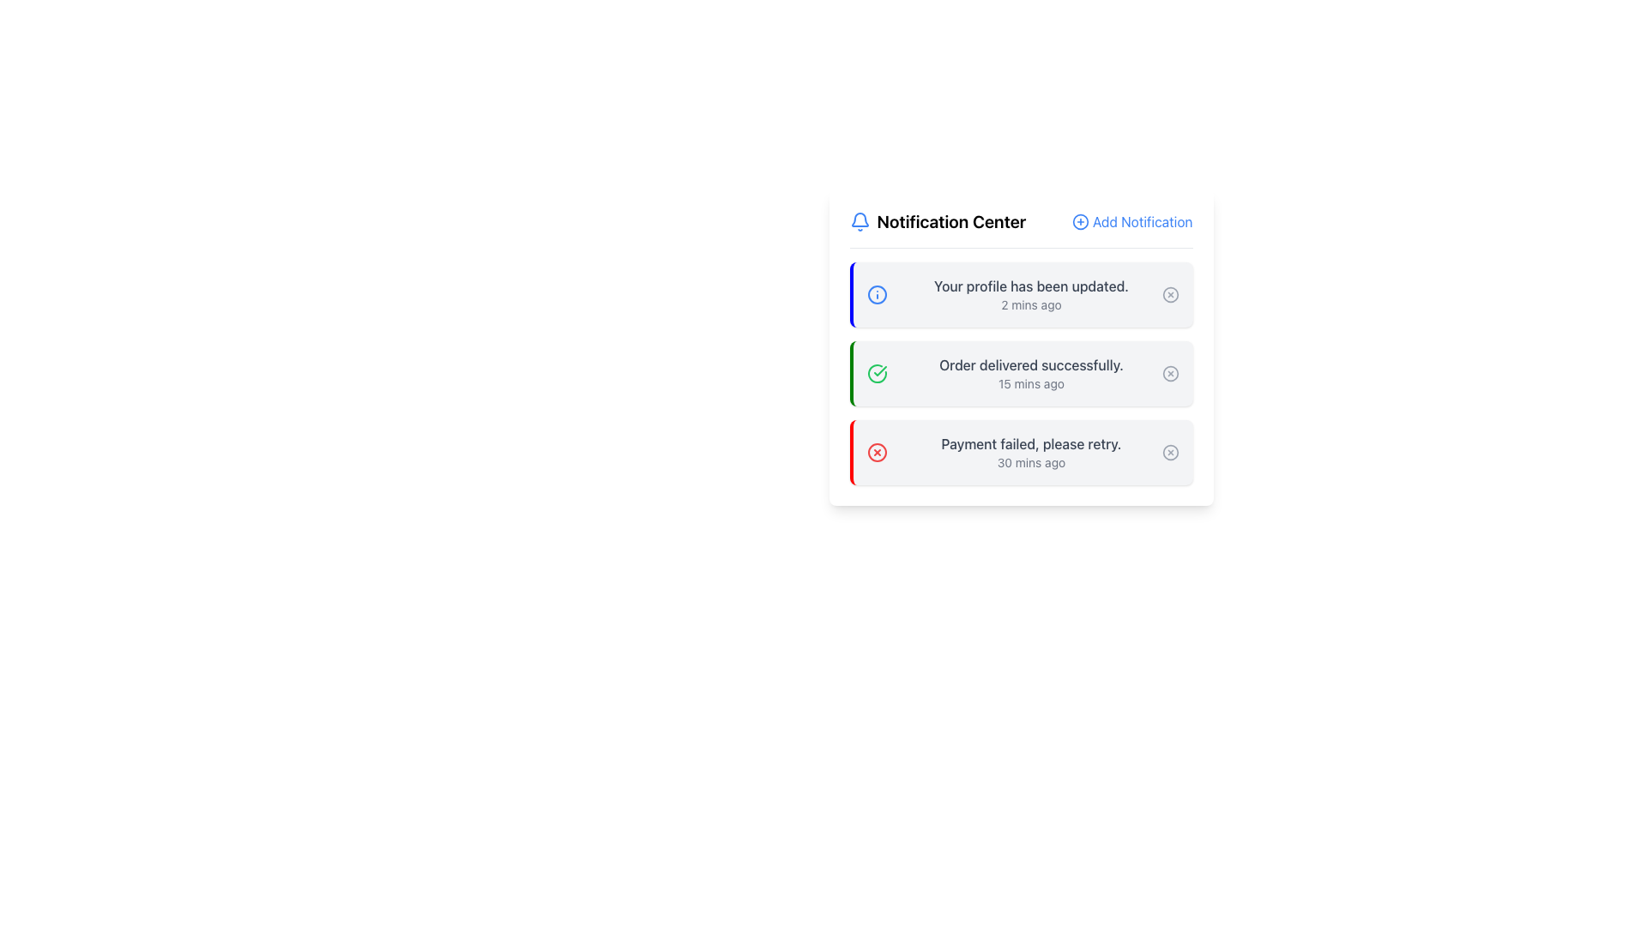  I want to click on the blue outlined circular icon button with a plus symbol, located to the left of the 'Add Notification' text in the notification section, so click(1079, 220).